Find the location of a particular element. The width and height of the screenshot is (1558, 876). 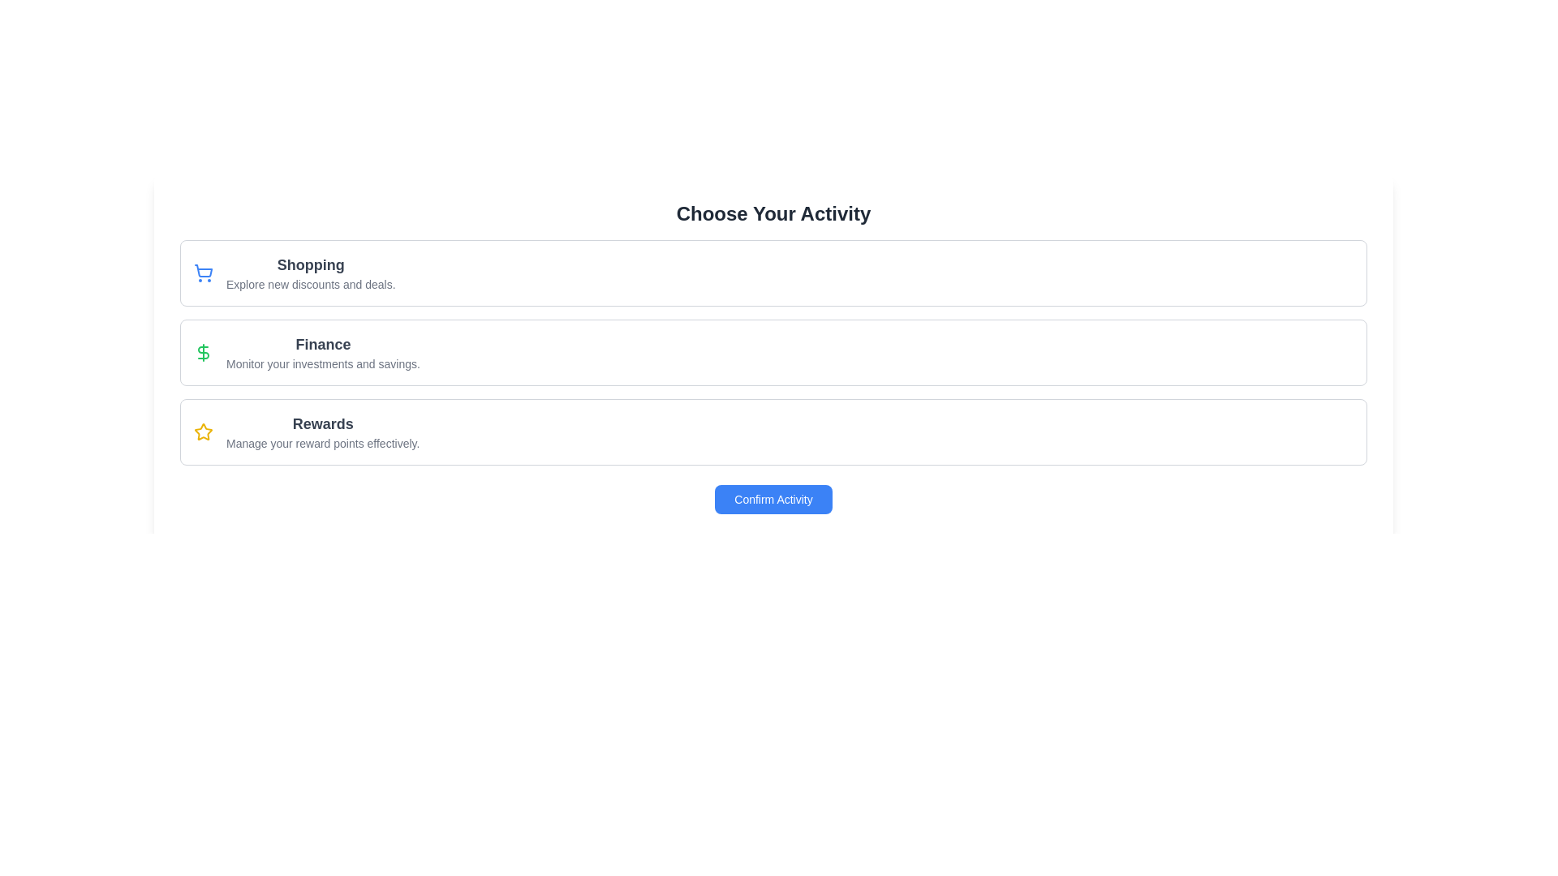

the static text element that reads 'Manage your reward points effectively.', which is styled in gray color and positioned below the 'Rewards' title is located at coordinates (323, 444).